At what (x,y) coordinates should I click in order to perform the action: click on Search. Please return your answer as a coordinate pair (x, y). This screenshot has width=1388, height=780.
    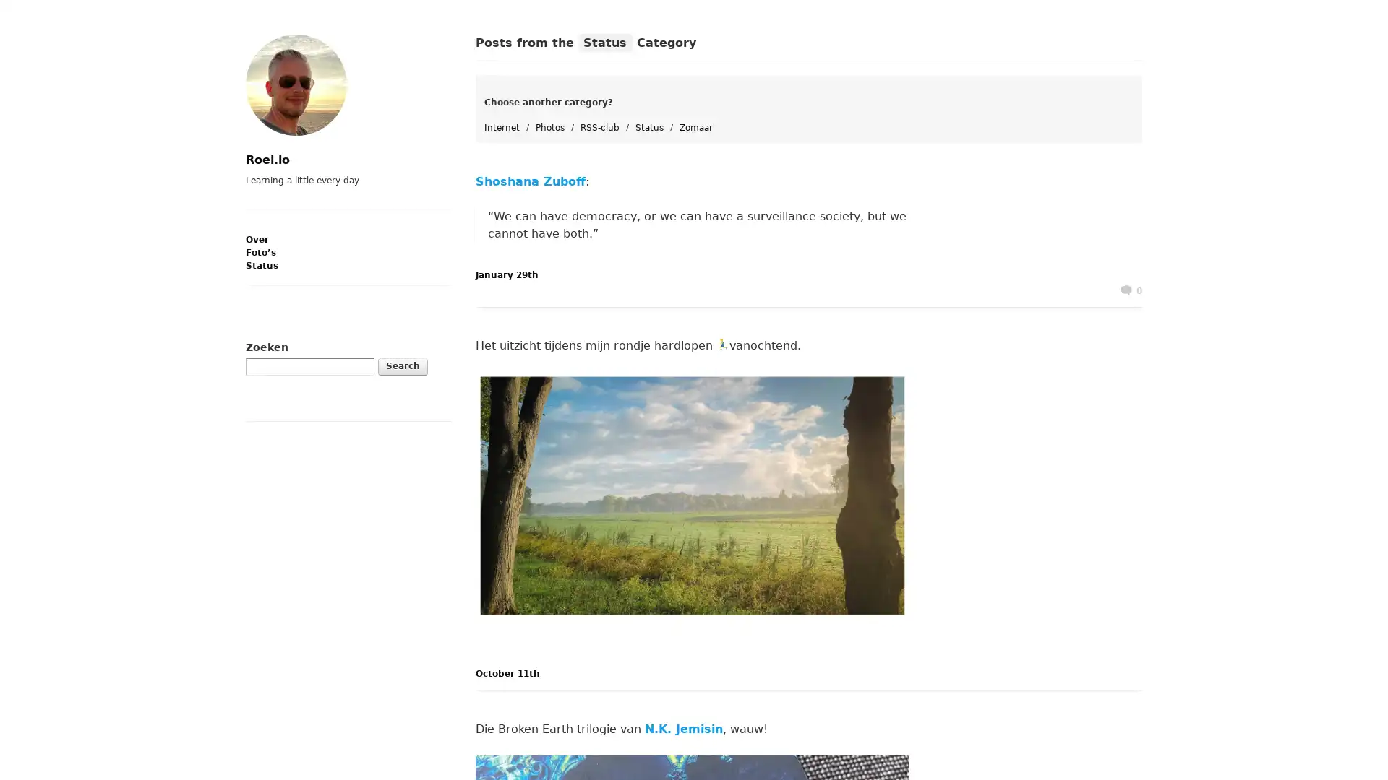
    Looking at the image, I should click on (403, 366).